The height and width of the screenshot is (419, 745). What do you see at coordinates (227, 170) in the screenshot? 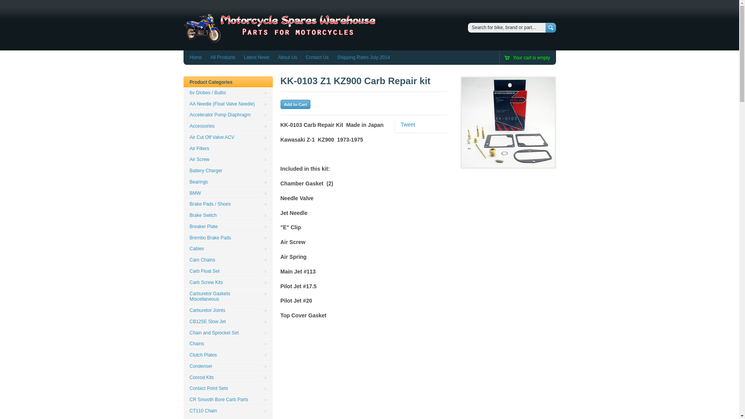
I see `'Battery Charger'` at bounding box center [227, 170].